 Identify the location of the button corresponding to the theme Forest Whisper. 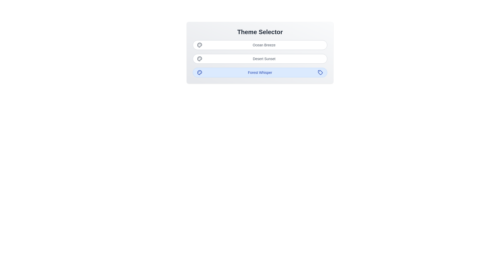
(260, 73).